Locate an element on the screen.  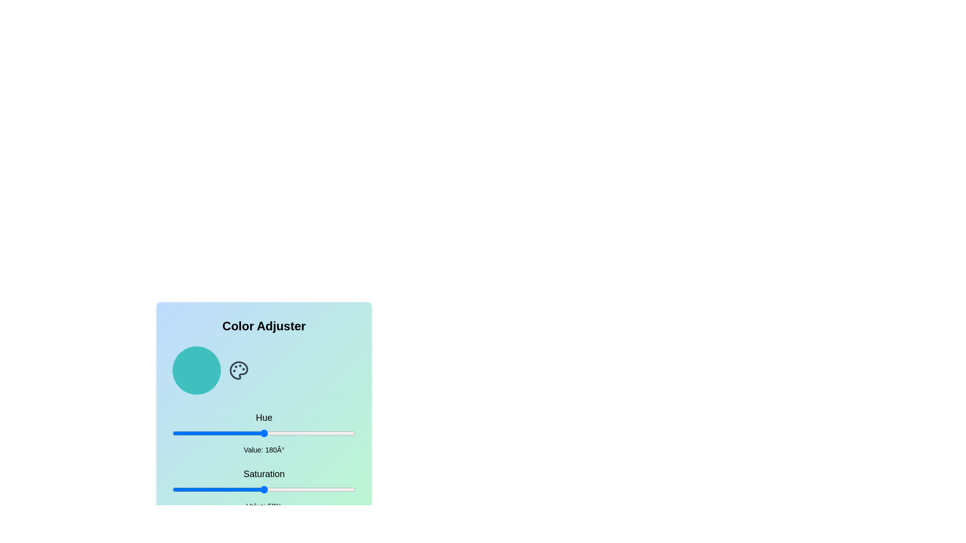
the saturation slider to set the saturation to 66% is located at coordinates (293, 489).